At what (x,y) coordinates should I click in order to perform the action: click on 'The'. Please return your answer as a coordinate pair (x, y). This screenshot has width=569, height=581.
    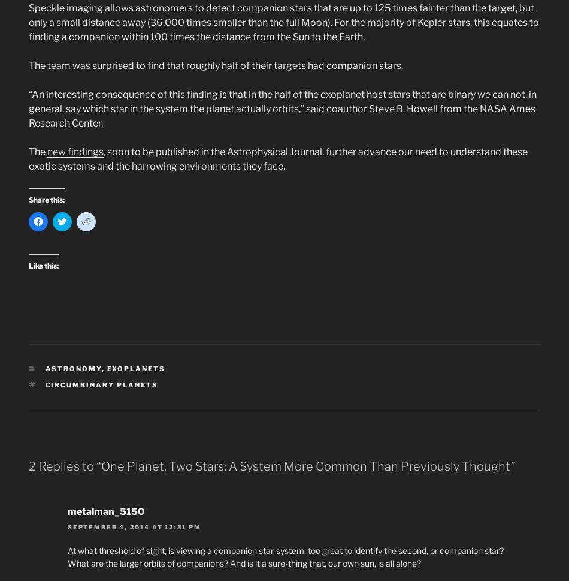
    Looking at the image, I should click on (38, 151).